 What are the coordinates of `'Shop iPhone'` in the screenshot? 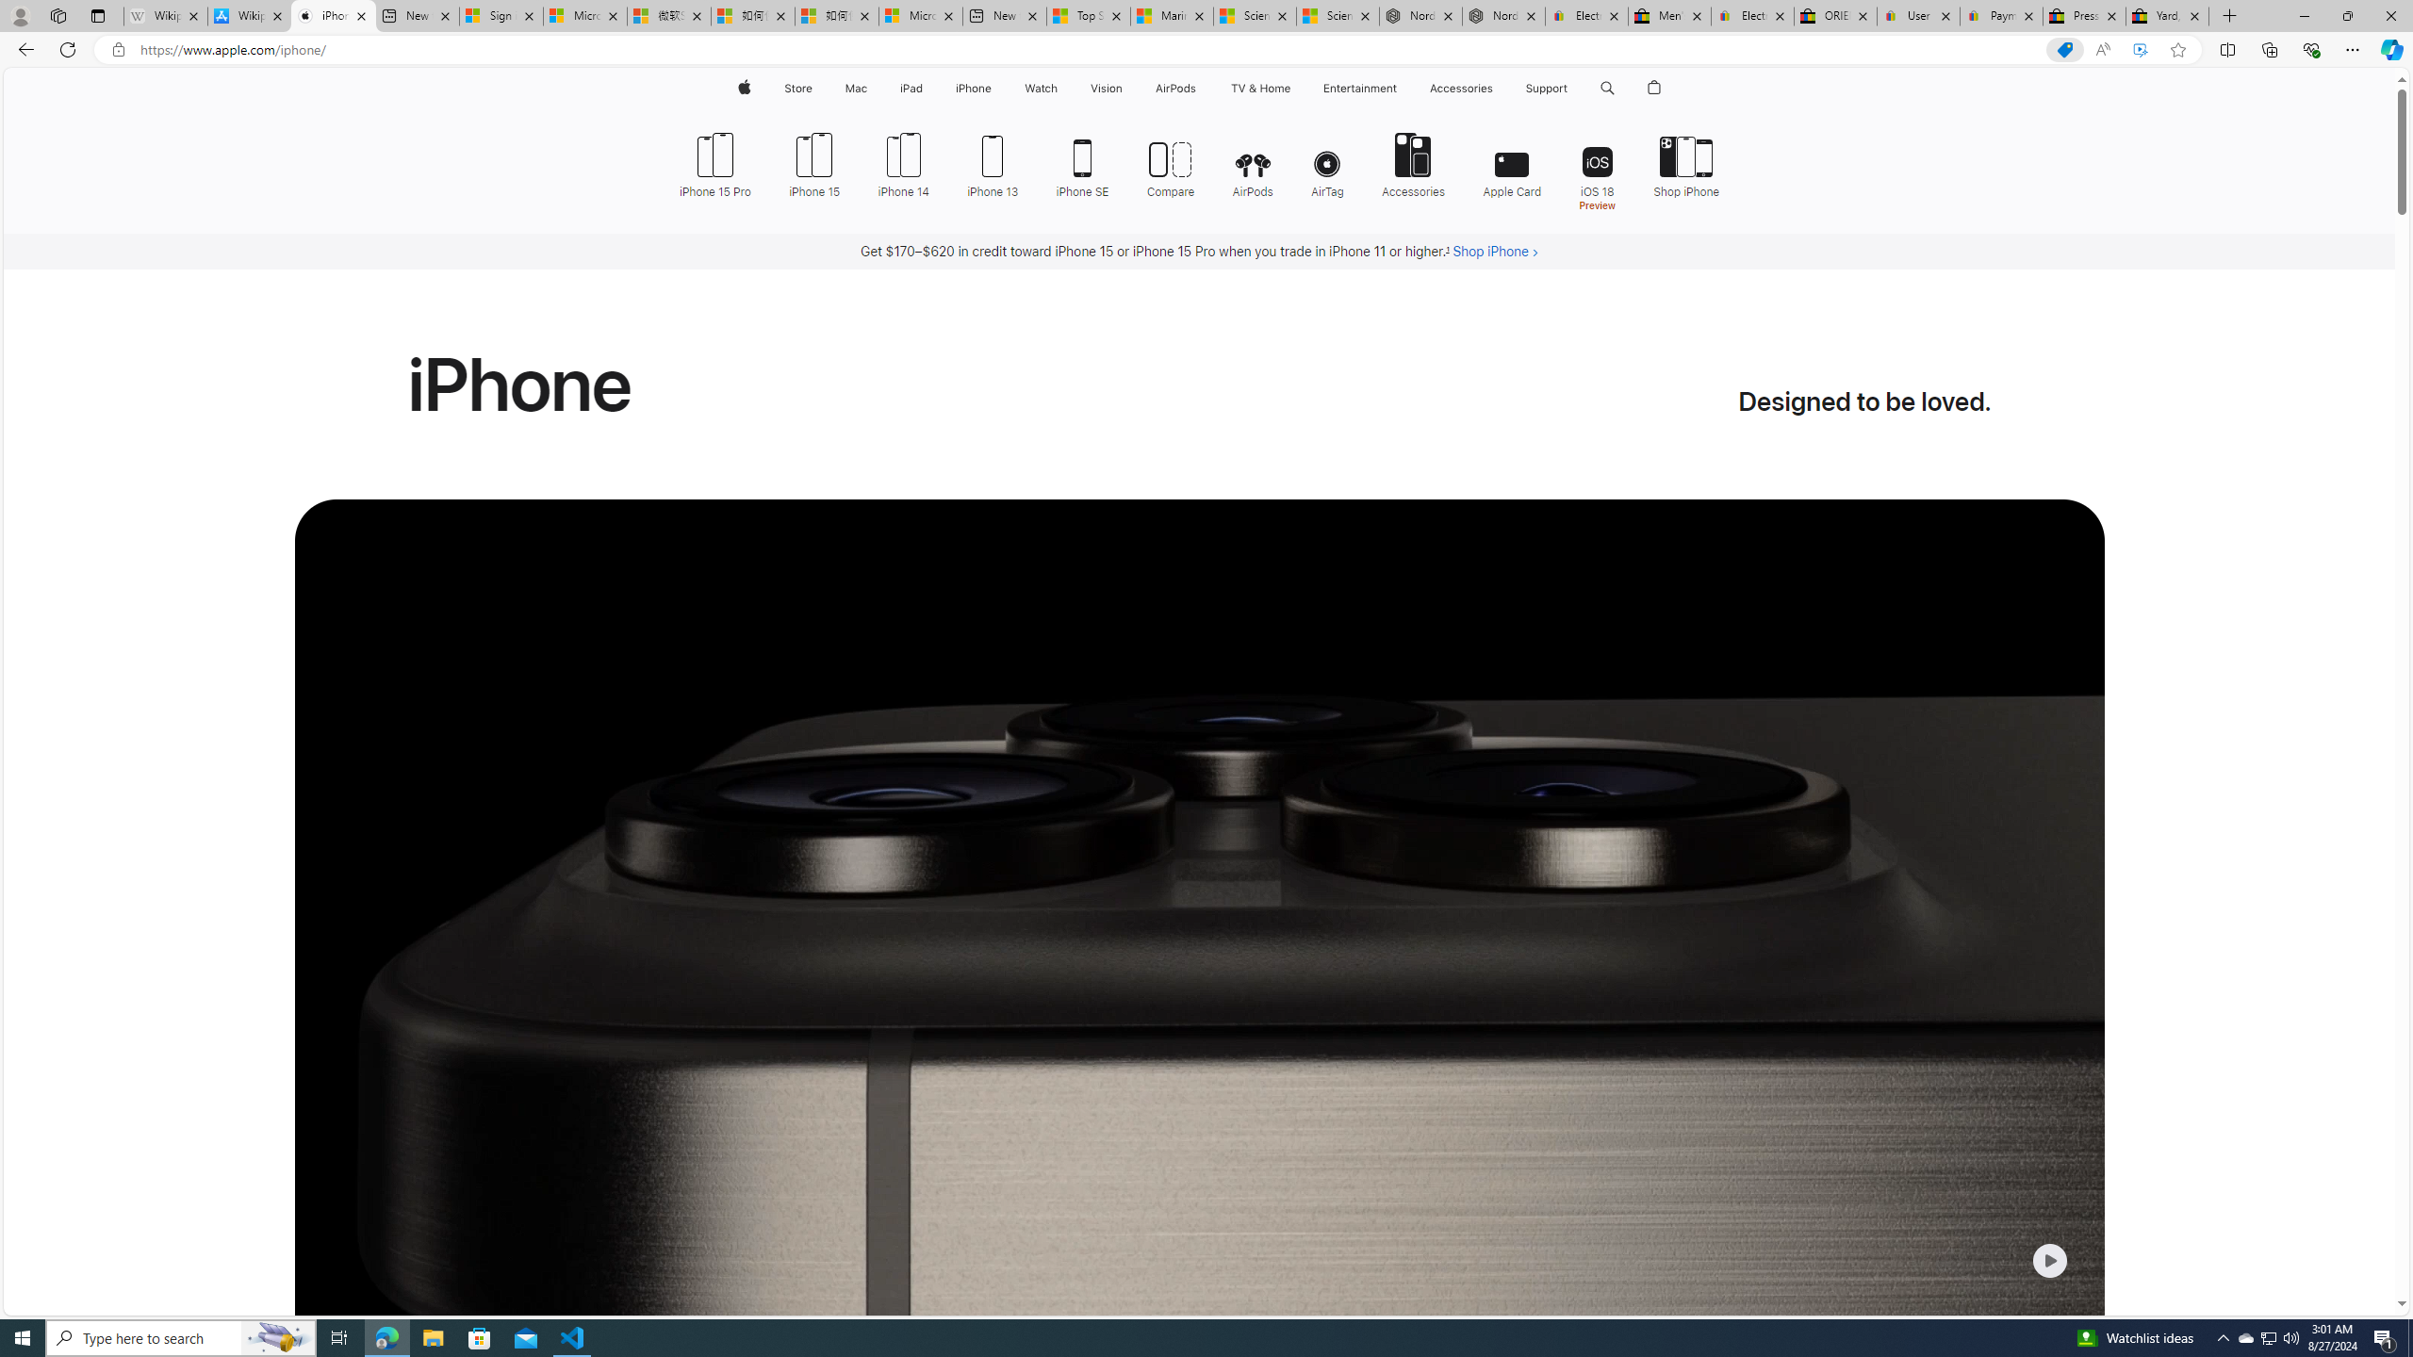 It's located at (1686, 162).